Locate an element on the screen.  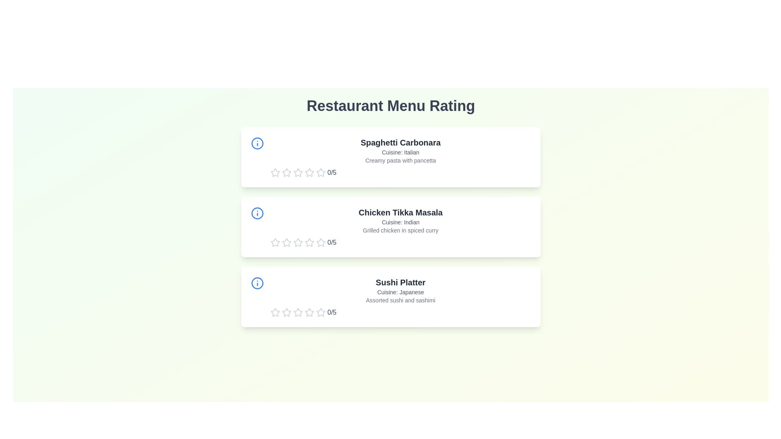
the rating of a menu item to 3 stars is located at coordinates (298, 172).